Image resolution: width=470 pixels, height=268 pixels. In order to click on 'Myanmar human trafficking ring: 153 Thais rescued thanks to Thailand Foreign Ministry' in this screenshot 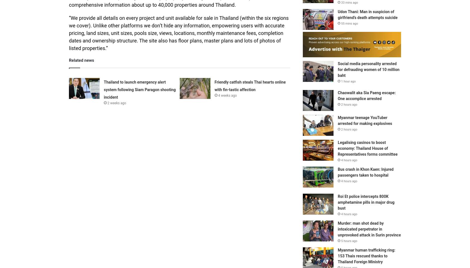, I will do `click(366, 255)`.